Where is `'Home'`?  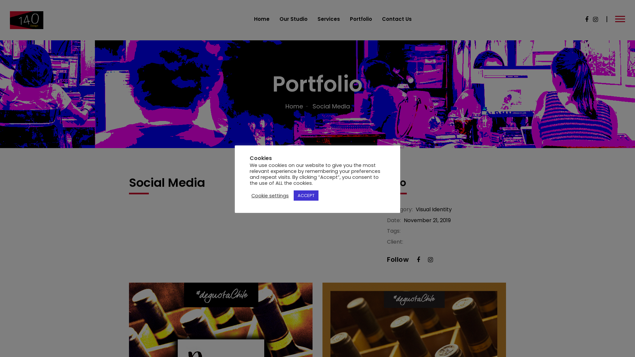
'Home' is located at coordinates (261, 19).